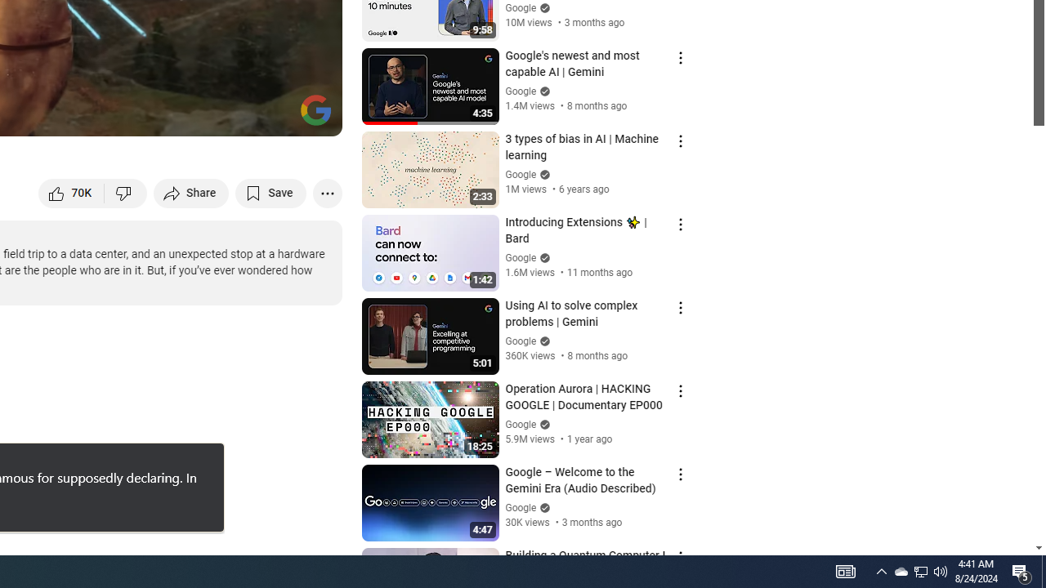 Image resolution: width=1046 pixels, height=588 pixels. I want to click on 'Subtitles/closed captions unavailable', so click(155, 115).